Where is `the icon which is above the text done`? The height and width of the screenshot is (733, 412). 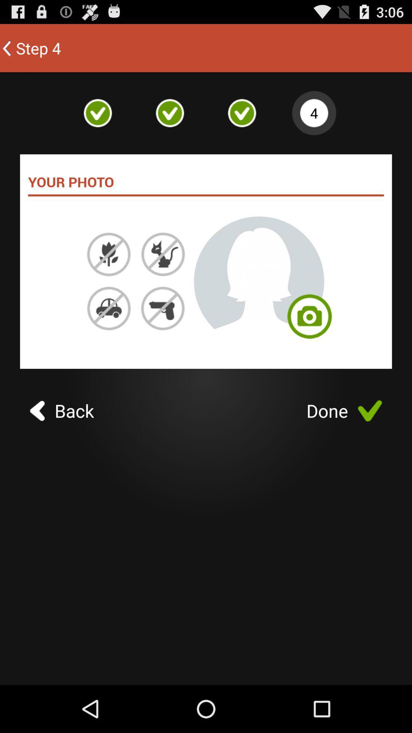 the icon which is above the text done is located at coordinates (309, 320).